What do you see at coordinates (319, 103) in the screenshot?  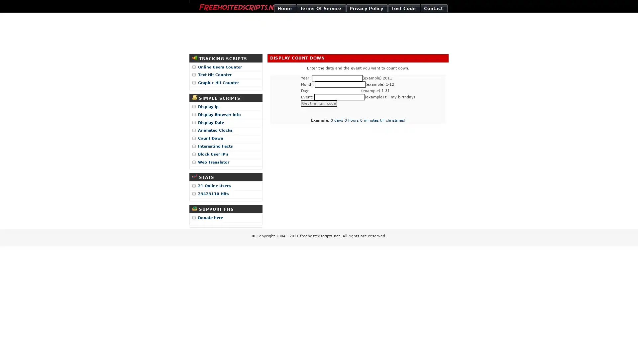 I see `Get the html code` at bounding box center [319, 103].